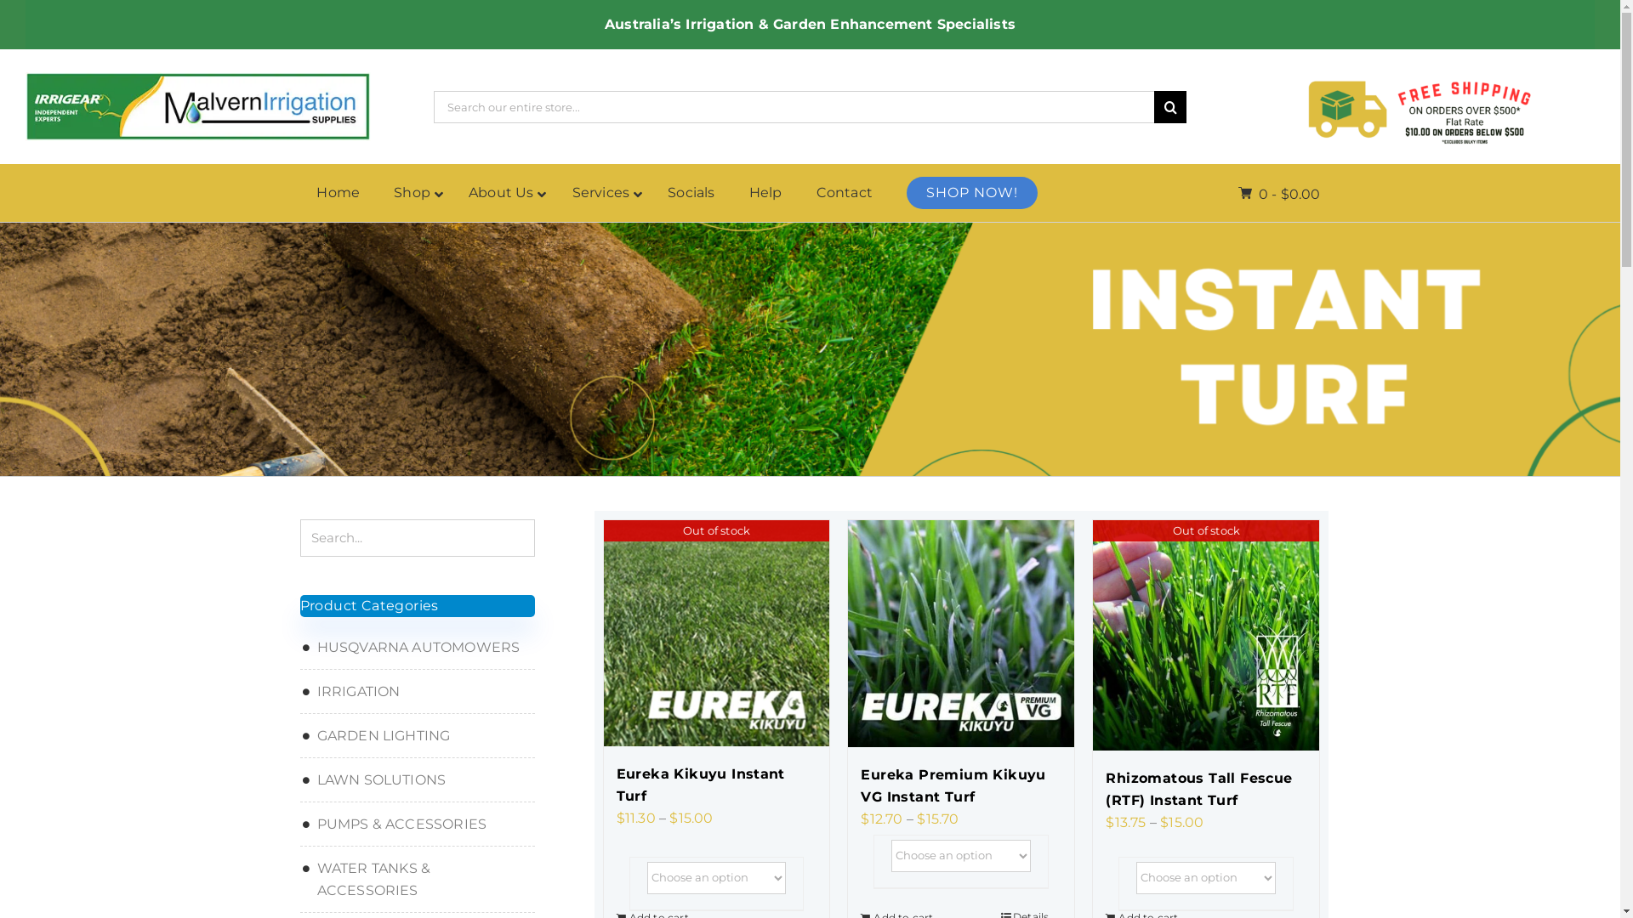 Image resolution: width=1633 pixels, height=918 pixels. What do you see at coordinates (691, 192) in the screenshot?
I see `'Socials'` at bounding box center [691, 192].